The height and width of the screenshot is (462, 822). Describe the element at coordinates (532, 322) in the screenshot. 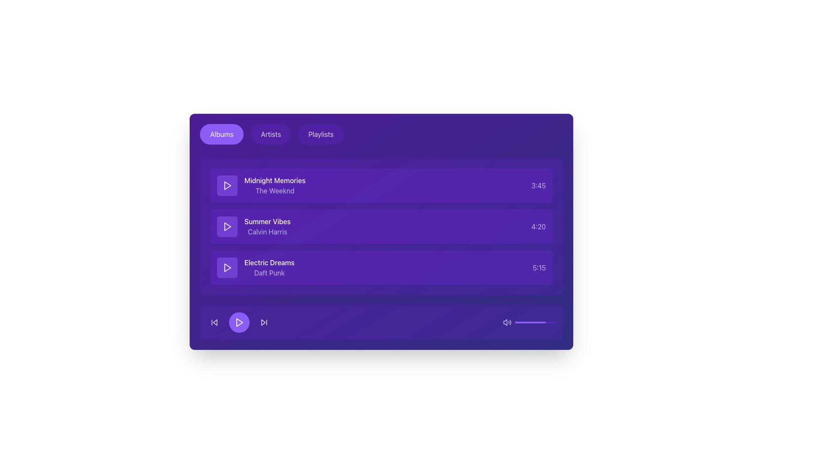

I see `the volume` at that location.